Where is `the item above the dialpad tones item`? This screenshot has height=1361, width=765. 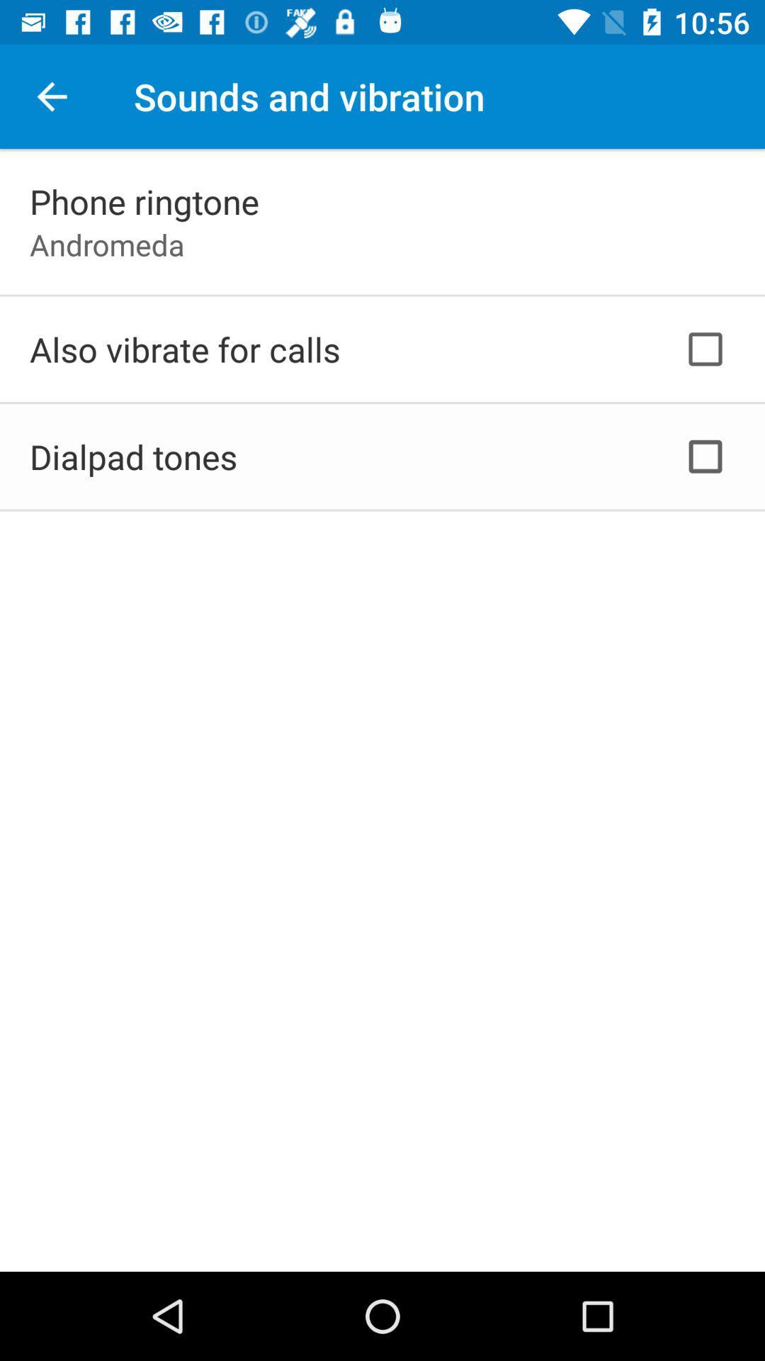 the item above the dialpad tones item is located at coordinates (184, 349).